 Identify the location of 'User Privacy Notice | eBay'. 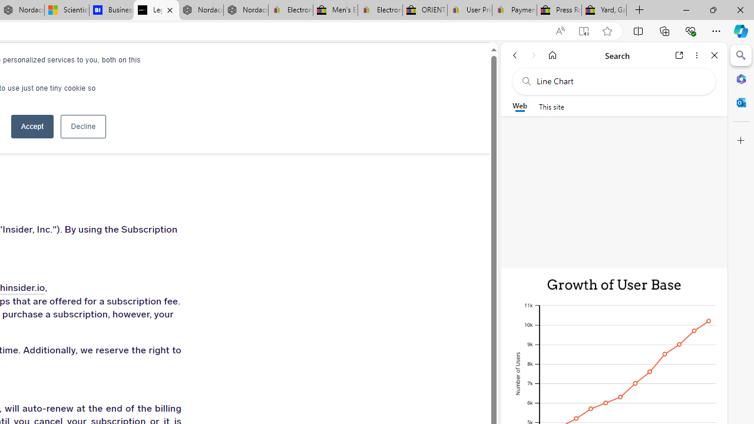
(469, 10).